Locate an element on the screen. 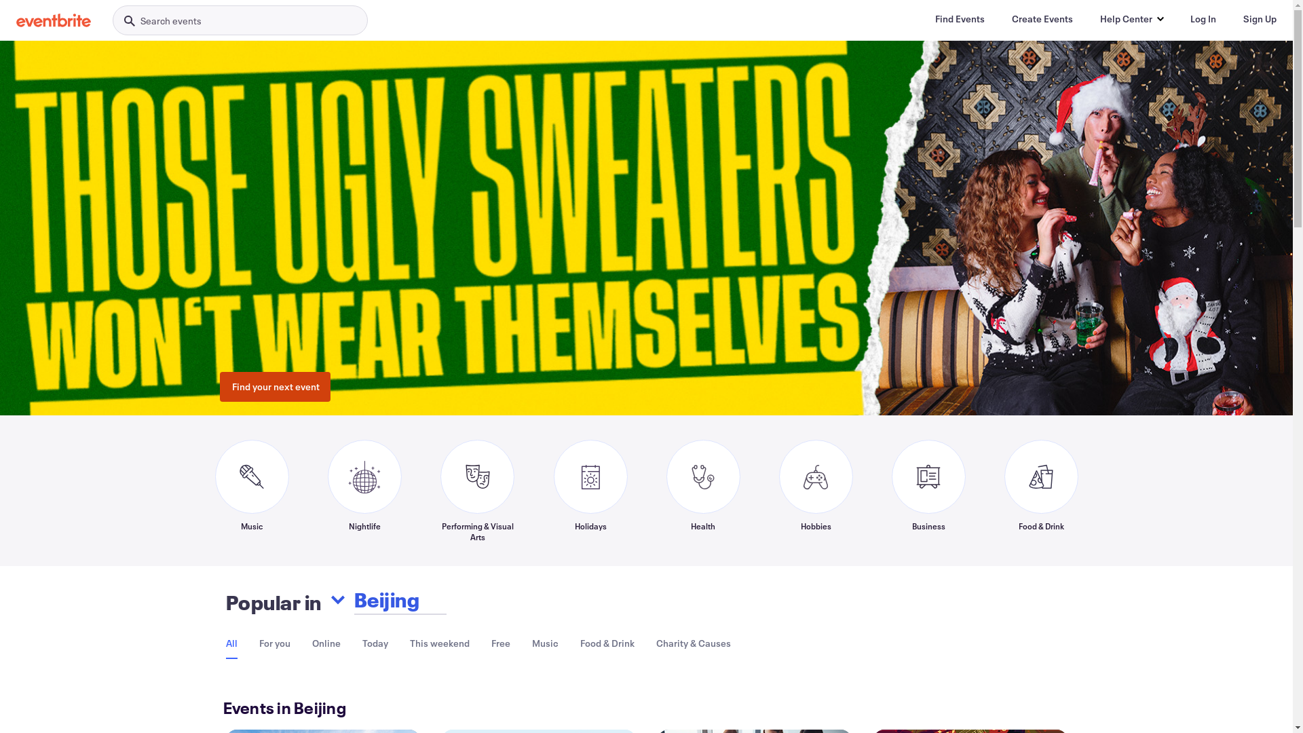 The image size is (1303, 733). 'Sign Up' is located at coordinates (1259, 18).